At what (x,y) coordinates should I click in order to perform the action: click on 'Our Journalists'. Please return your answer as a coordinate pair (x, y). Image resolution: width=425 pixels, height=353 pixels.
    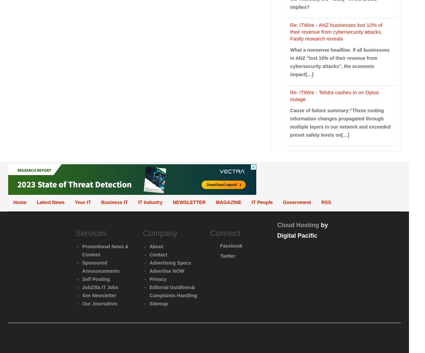
    Looking at the image, I should click on (100, 303).